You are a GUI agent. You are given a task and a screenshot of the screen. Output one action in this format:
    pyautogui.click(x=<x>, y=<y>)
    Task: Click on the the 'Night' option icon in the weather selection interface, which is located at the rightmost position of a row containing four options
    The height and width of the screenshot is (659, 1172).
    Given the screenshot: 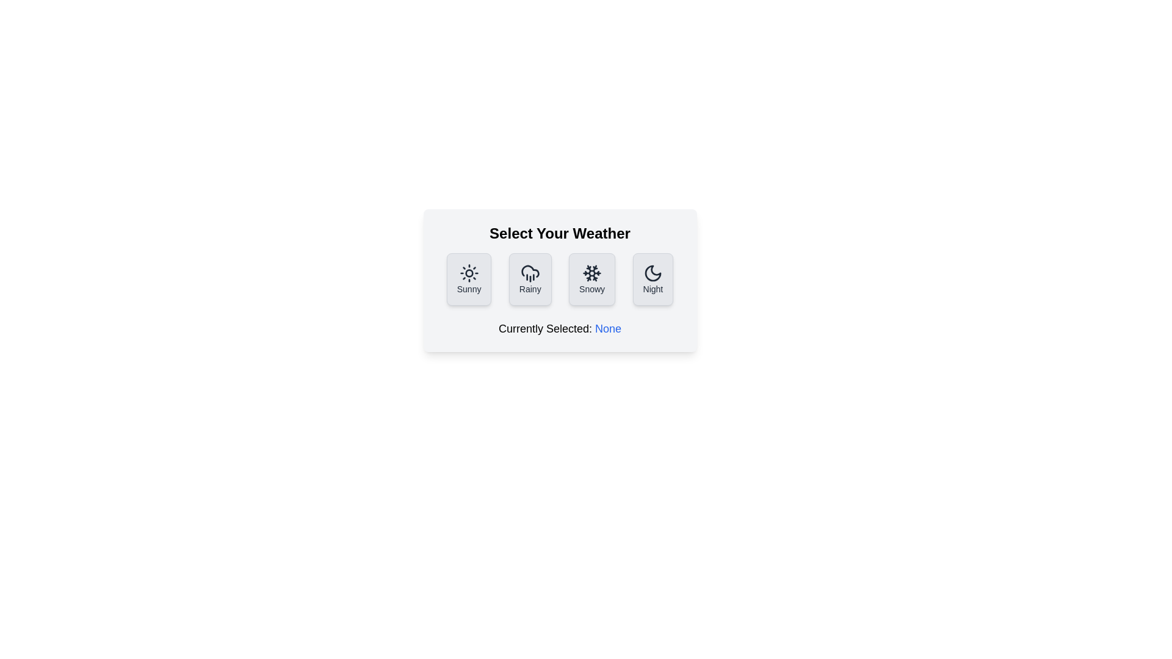 What is the action you would take?
    pyautogui.click(x=652, y=272)
    